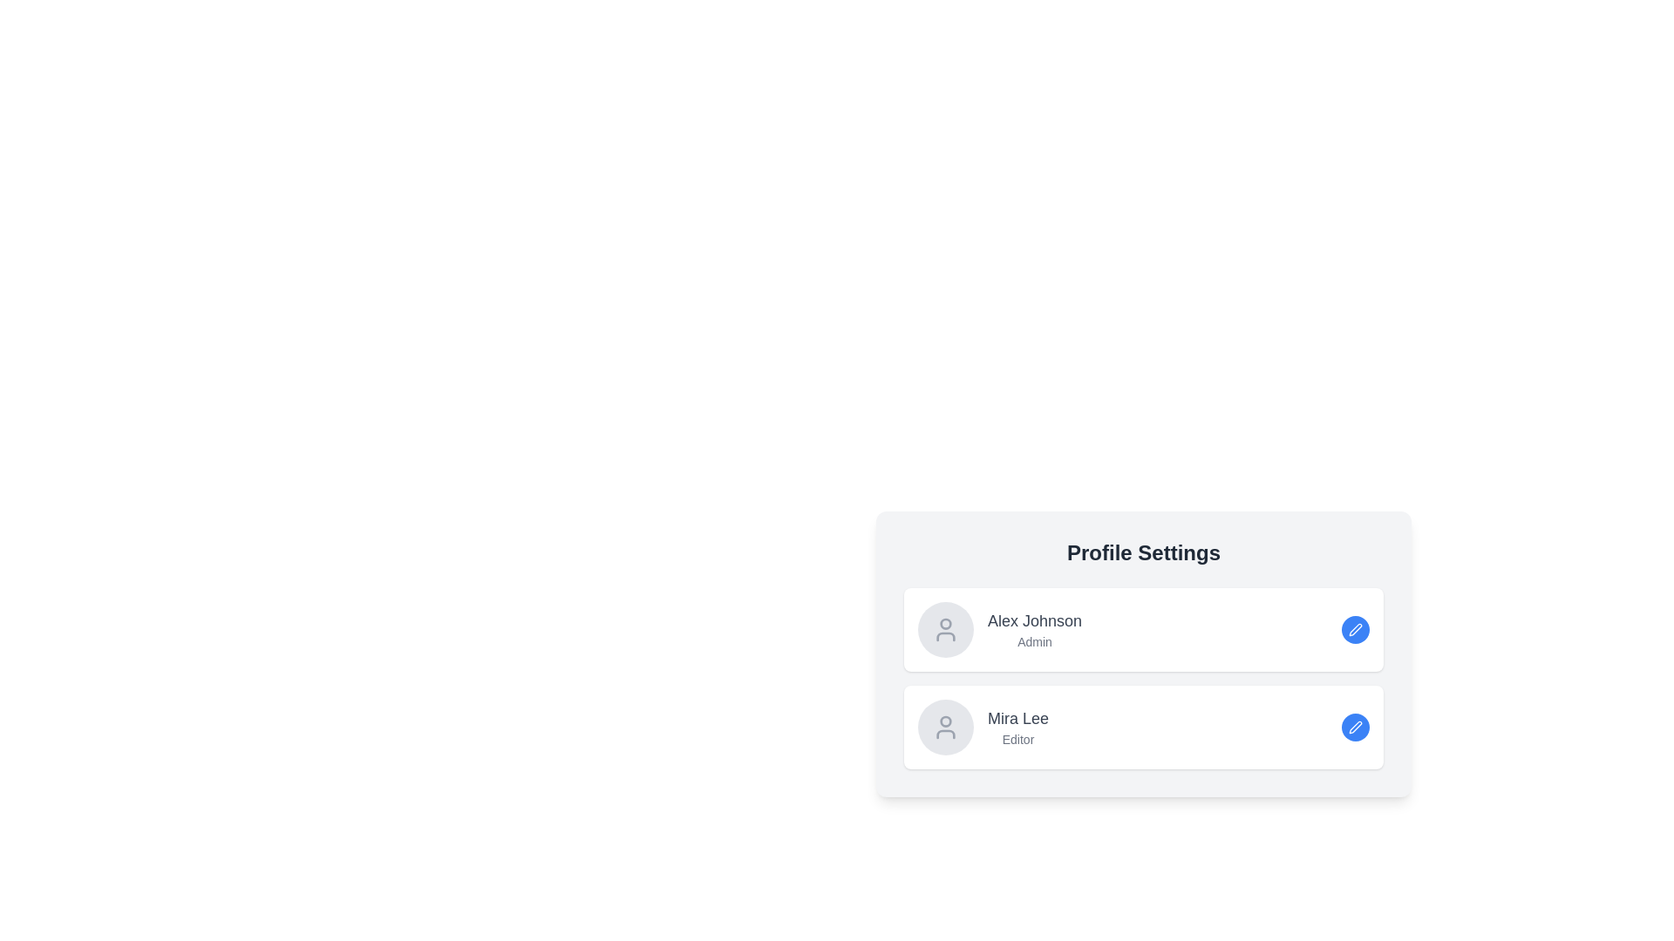 The image size is (1674, 941). I want to click on the text label displaying 'Admin' in light gray font, positioned below the name 'Alex Johnson' in the user profiles list, so click(1034, 641).